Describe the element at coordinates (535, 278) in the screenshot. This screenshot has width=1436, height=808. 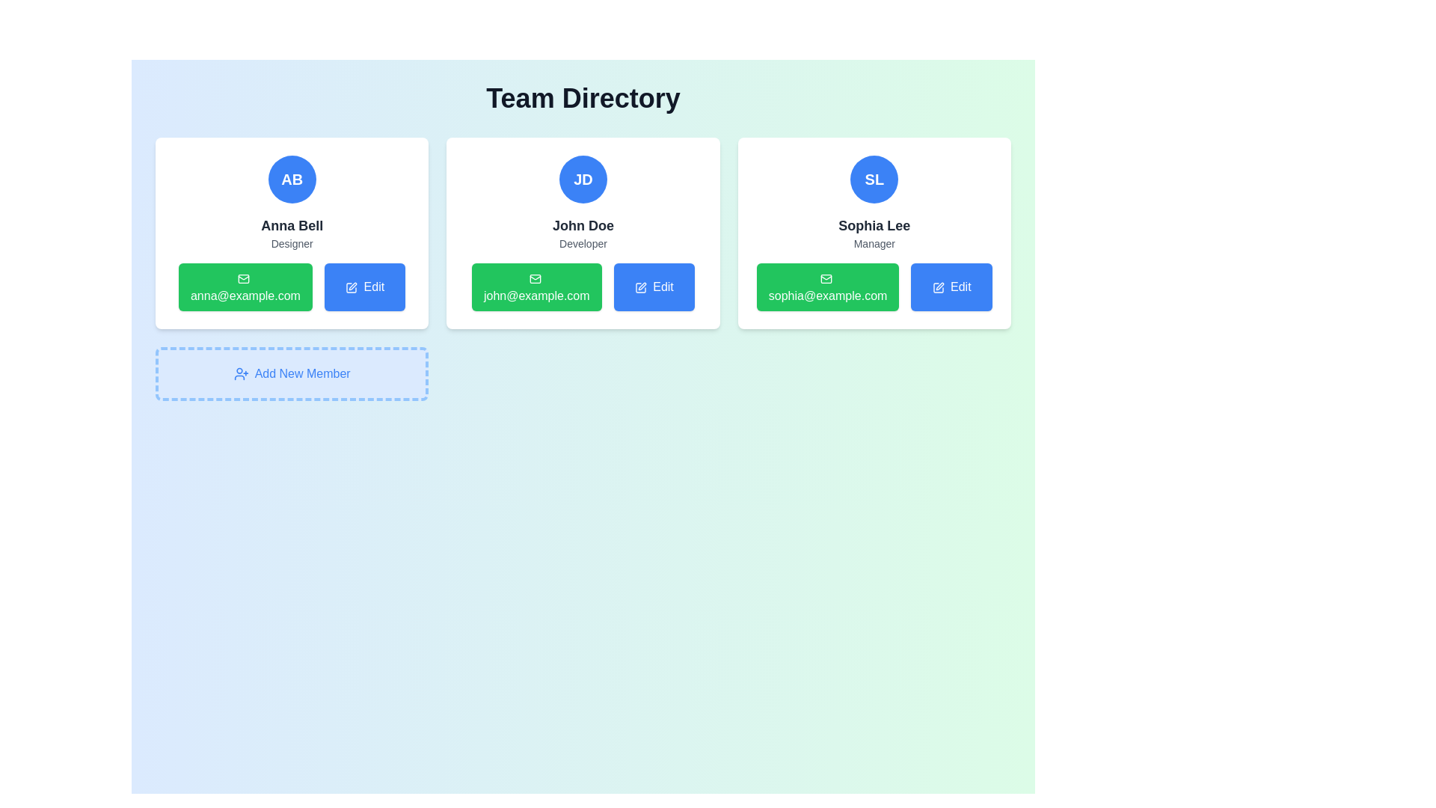
I see `the email icon within the green button labeled 'john@example.com', located below the profile for 'John Doe' in the second card from the left in the top row of the interface` at that location.